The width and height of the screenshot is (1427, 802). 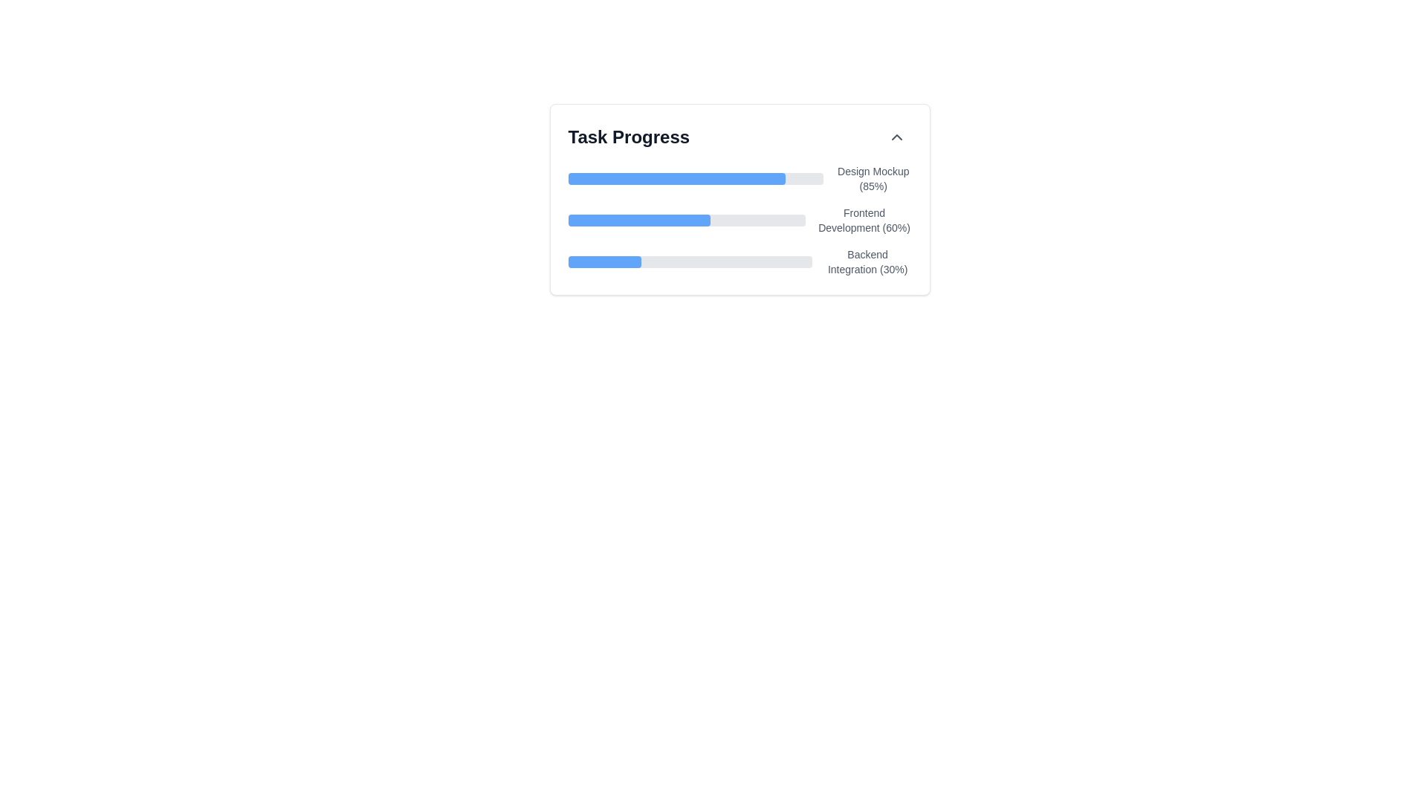 What do you see at coordinates (896, 137) in the screenshot?
I see `the small, triangular upward arrow button located in the 'Task Progress' header to change its color` at bounding box center [896, 137].